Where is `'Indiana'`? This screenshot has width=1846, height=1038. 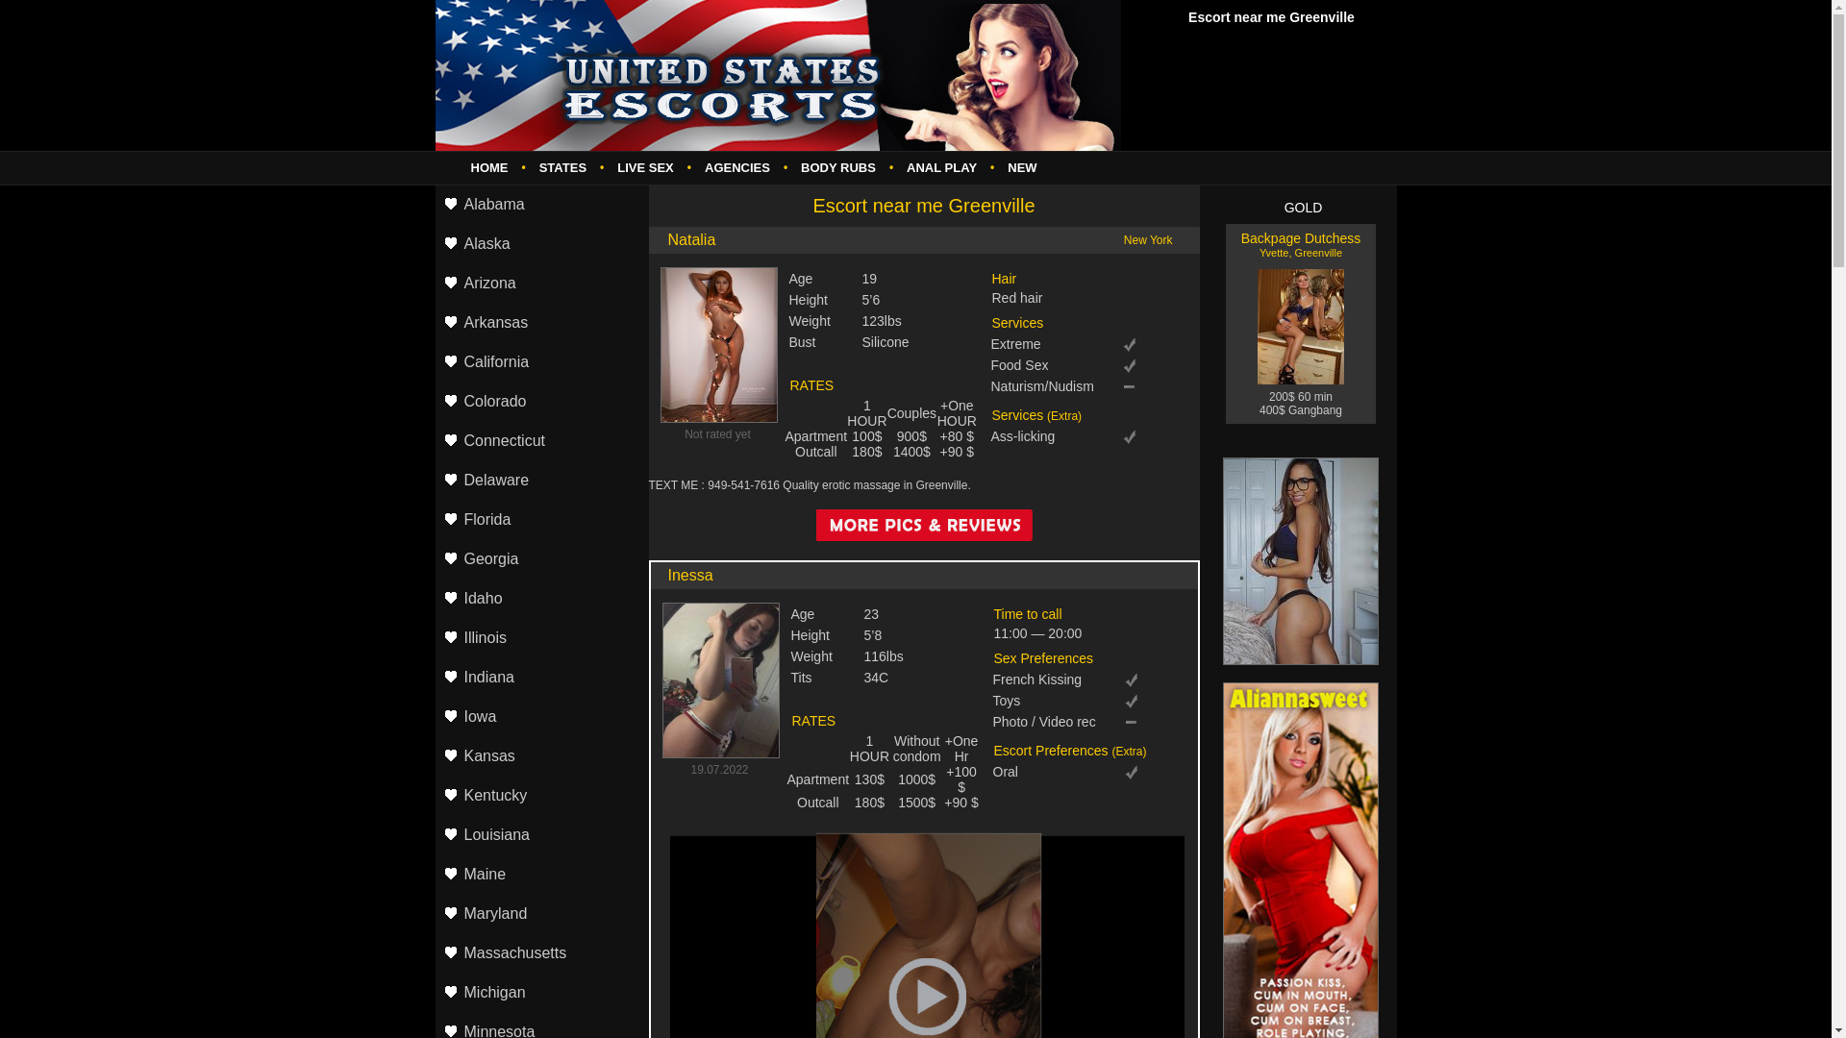
'Indiana' is located at coordinates (433, 677).